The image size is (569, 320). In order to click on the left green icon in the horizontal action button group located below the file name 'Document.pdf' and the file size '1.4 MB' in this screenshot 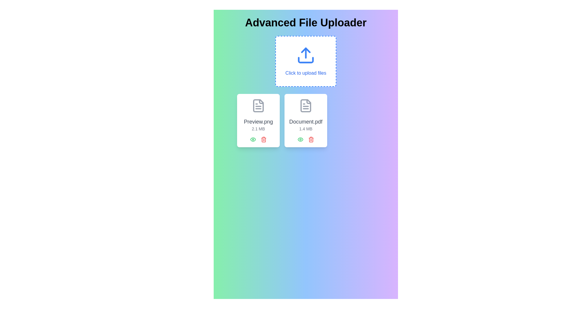, I will do `click(306, 139)`.